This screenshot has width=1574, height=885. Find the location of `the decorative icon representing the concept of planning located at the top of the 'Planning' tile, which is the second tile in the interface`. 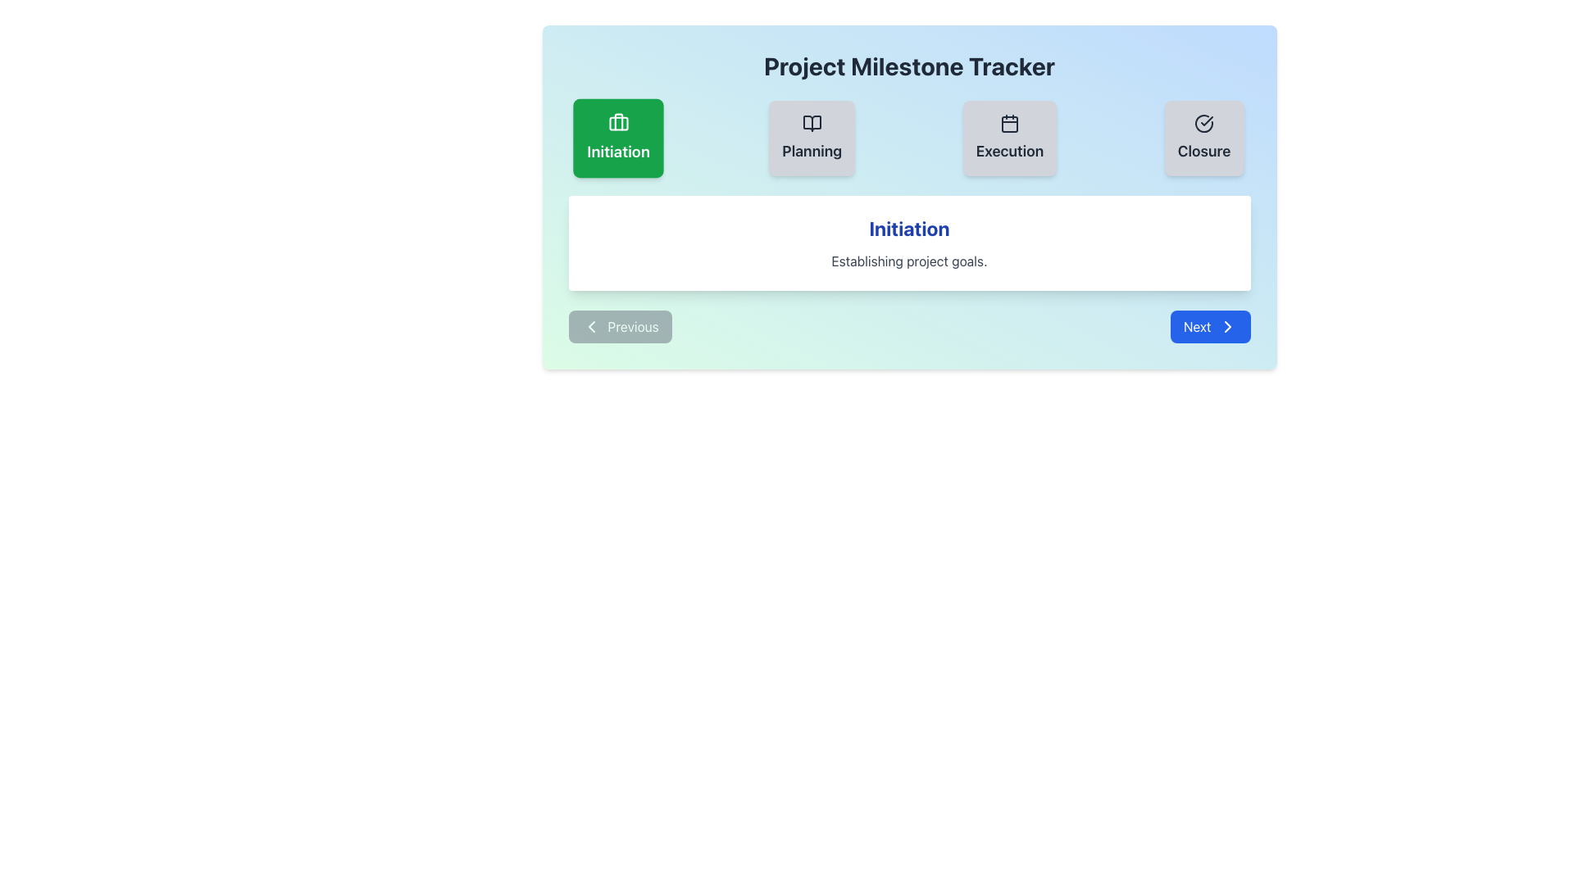

the decorative icon representing the concept of planning located at the top of the 'Planning' tile, which is the second tile in the interface is located at coordinates (812, 122).